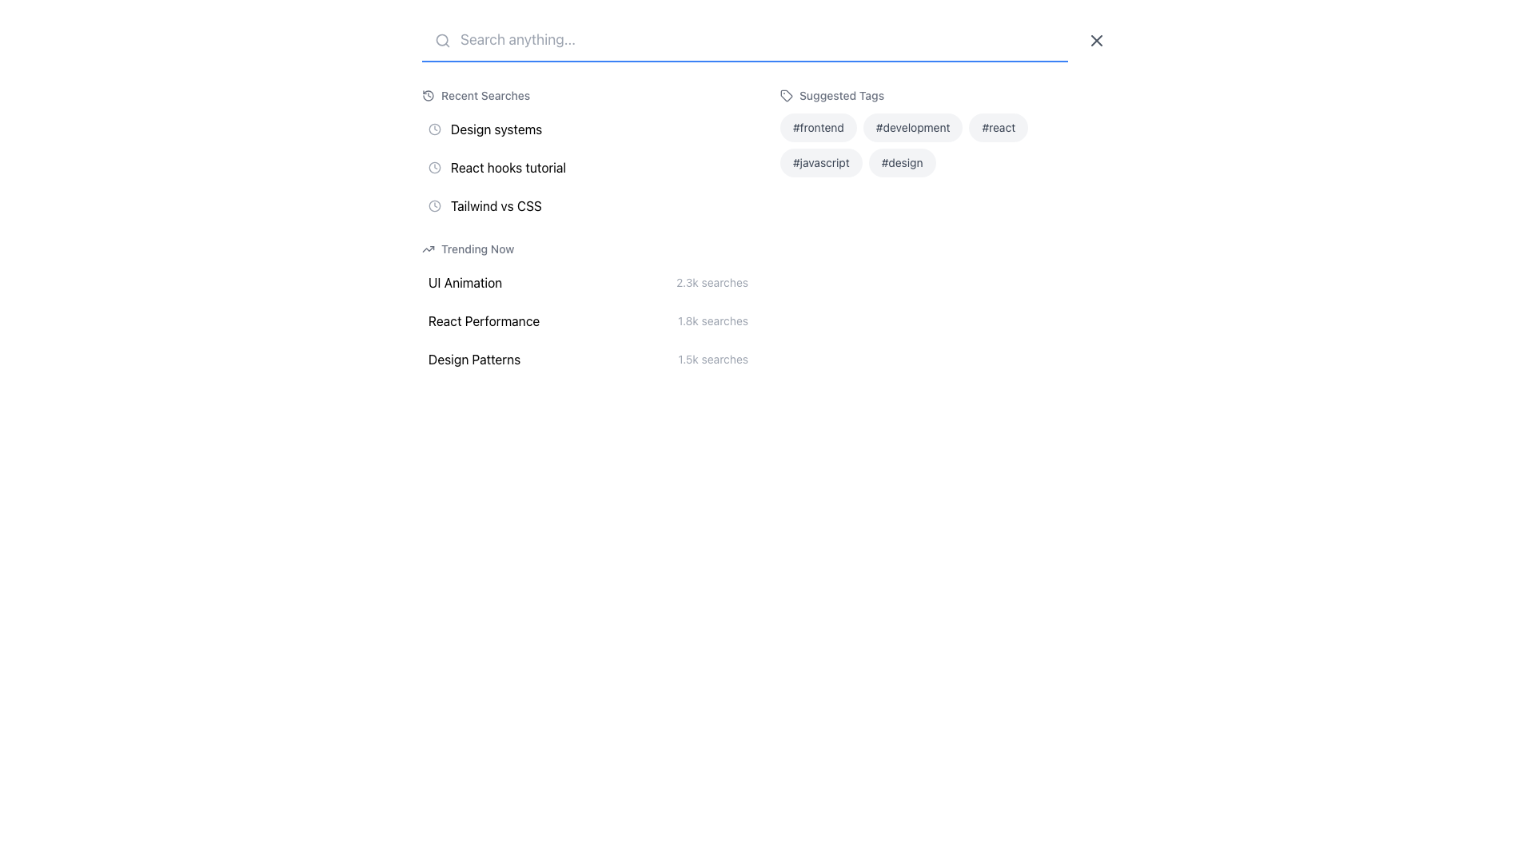  I want to click on the 'Tailwind vs CSS' button in the 'Recent Searches' section for navigation, so click(587, 205).